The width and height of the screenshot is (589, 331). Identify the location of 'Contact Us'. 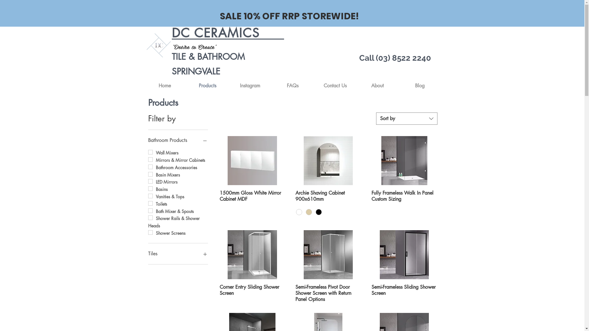
(335, 86).